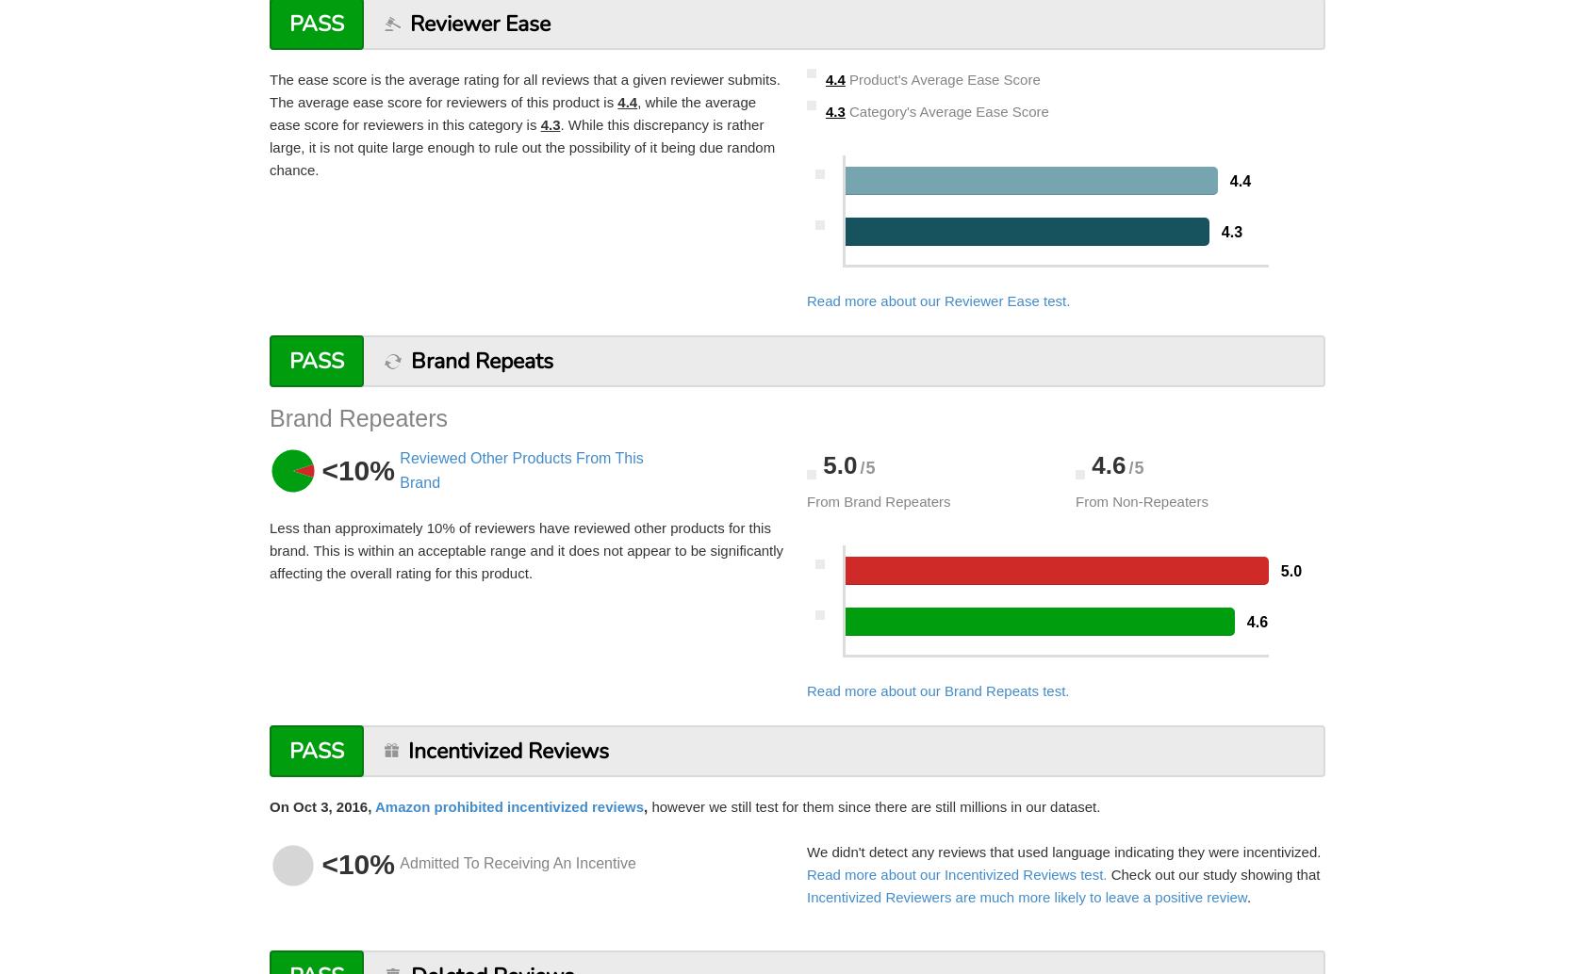 The width and height of the screenshot is (1595, 974). Describe the element at coordinates (321, 804) in the screenshot. I see `'On Oct 3, 2016,'` at that location.